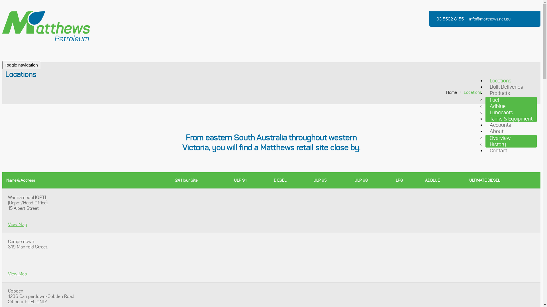  What do you see at coordinates (17, 224) in the screenshot?
I see `'View Map'` at bounding box center [17, 224].